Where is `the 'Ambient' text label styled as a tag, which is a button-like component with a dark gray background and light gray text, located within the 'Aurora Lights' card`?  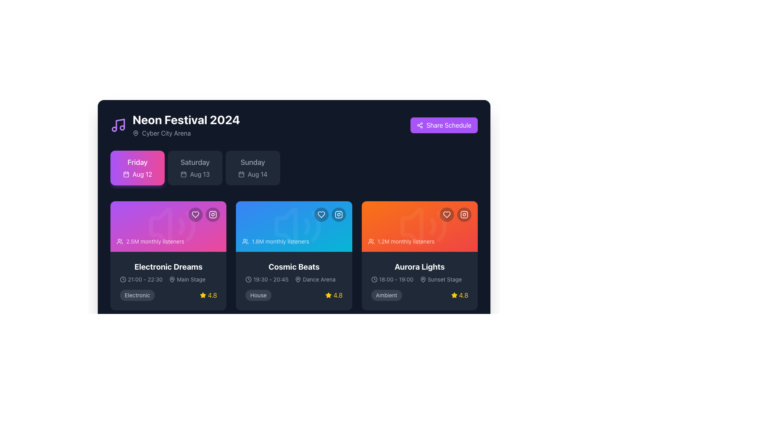
the 'Ambient' text label styled as a tag, which is a button-like component with a dark gray background and light gray text, located within the 'Aurora Lights' card is located at coordinates (386, 295).